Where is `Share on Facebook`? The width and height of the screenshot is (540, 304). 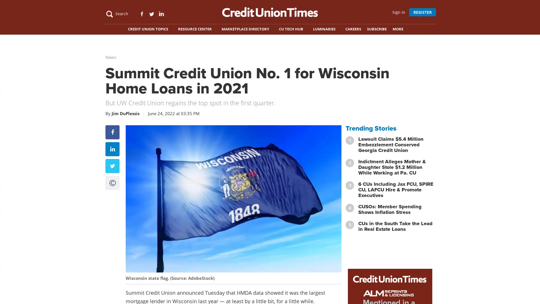
Share on Facebook is located at coordinates (112, 154).